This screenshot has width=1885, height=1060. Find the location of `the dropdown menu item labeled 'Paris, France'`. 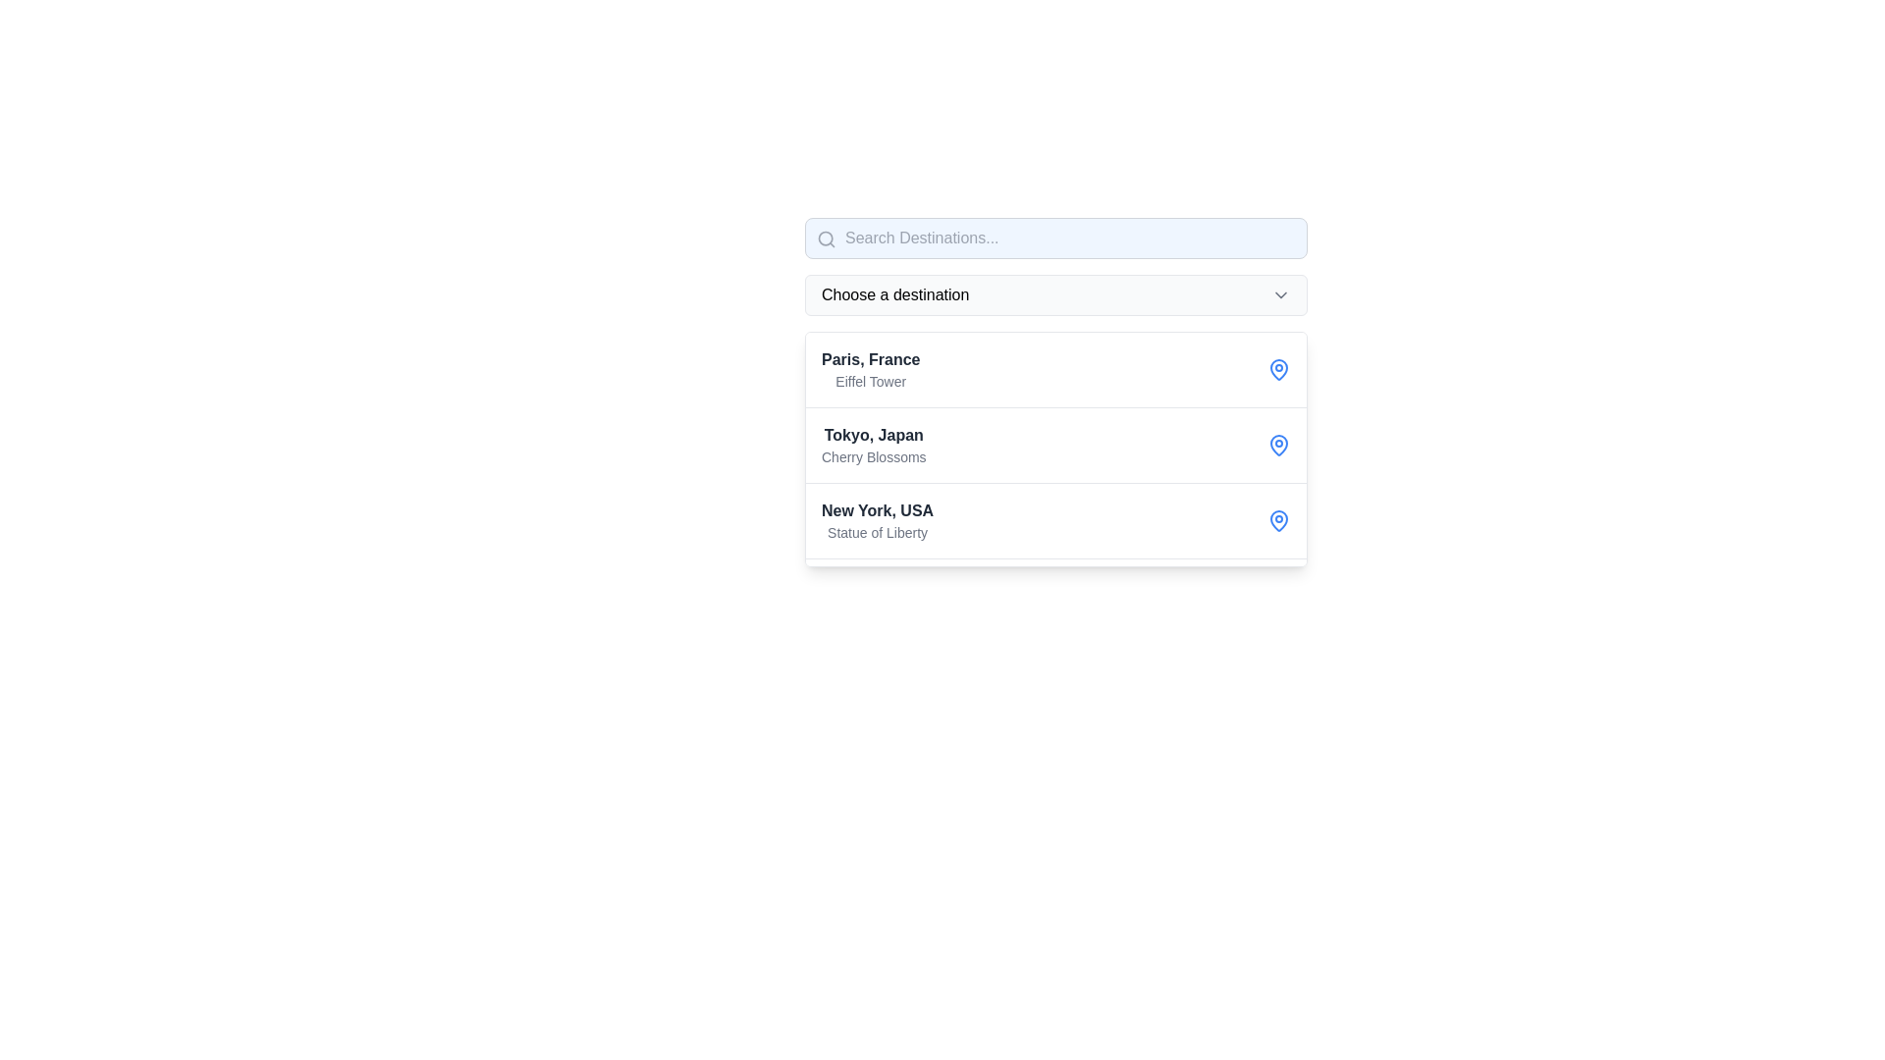

the dropdown menu item labeled 'Paris, France' is located at coordinates (1054, 393).